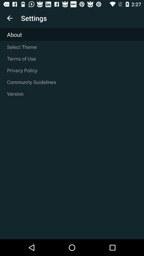 The image size is (144, 256). What do you see at coordinates (72, 34) in the screenshot?
I see `the about` at bounding box center [72, 34].